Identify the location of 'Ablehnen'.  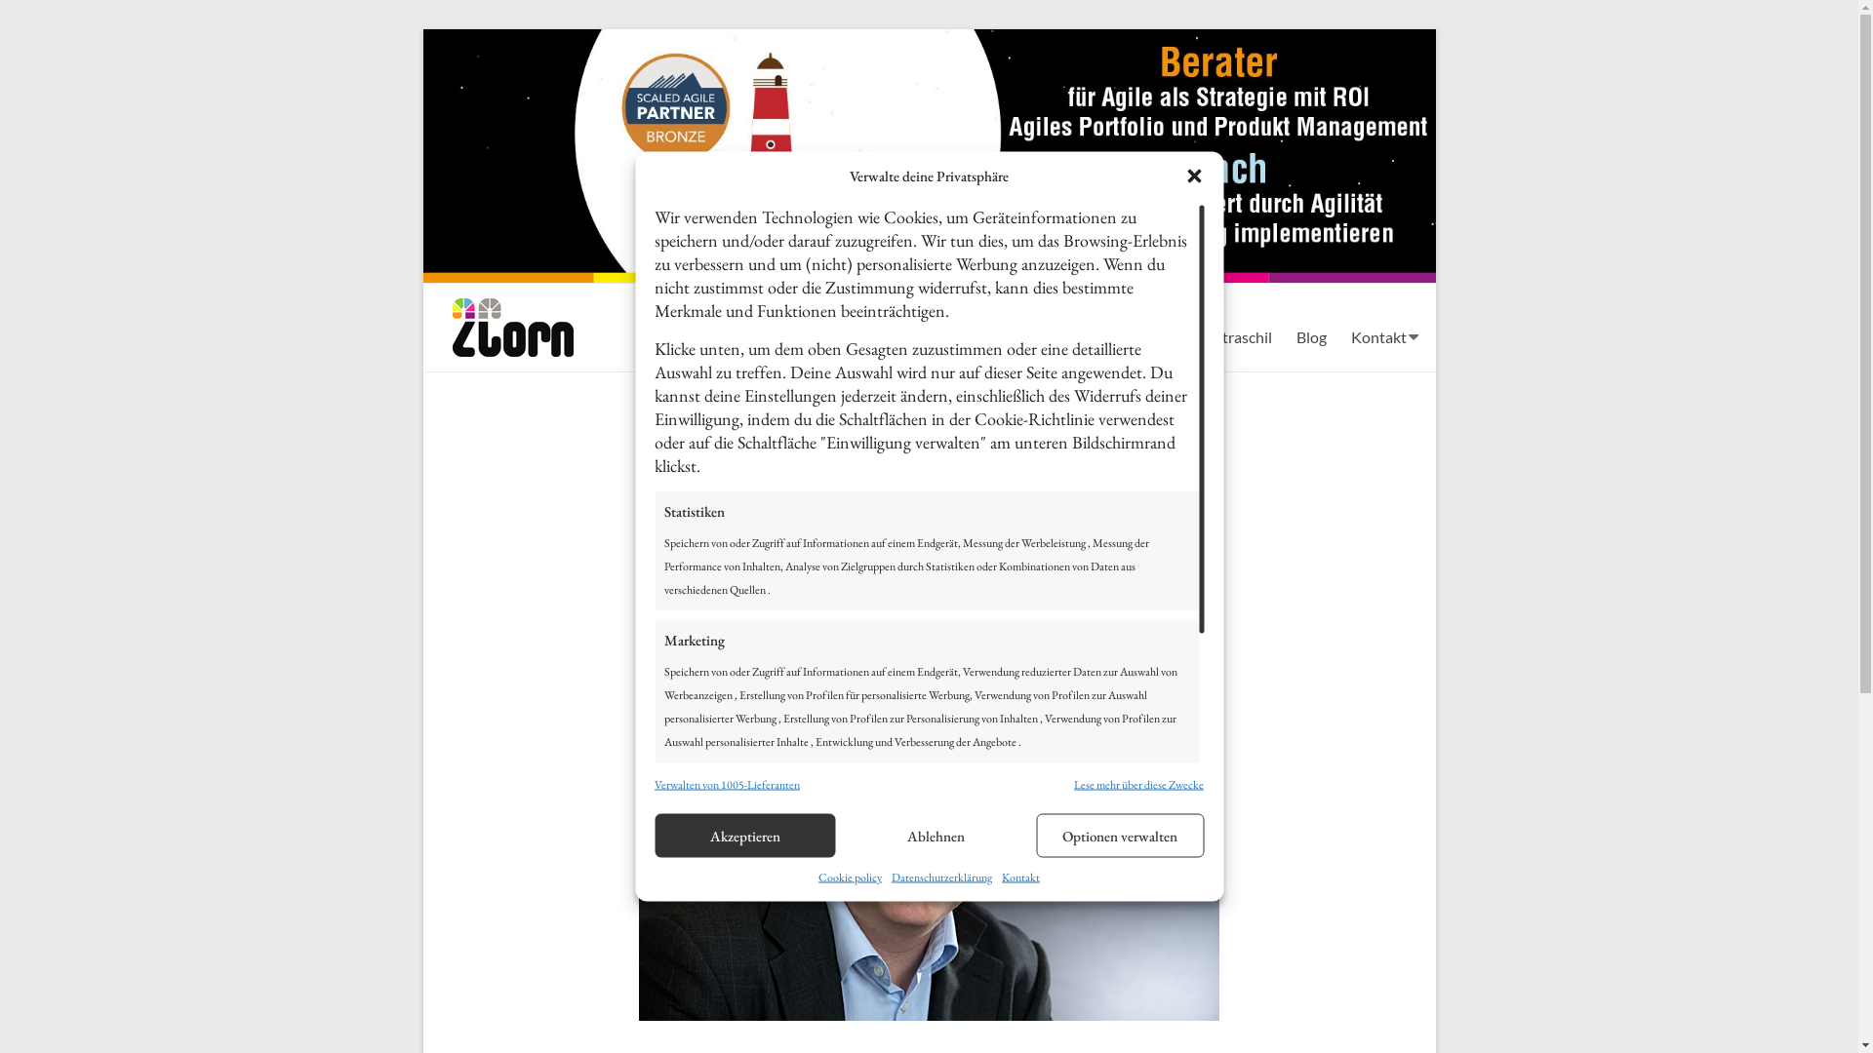
(936, 834).